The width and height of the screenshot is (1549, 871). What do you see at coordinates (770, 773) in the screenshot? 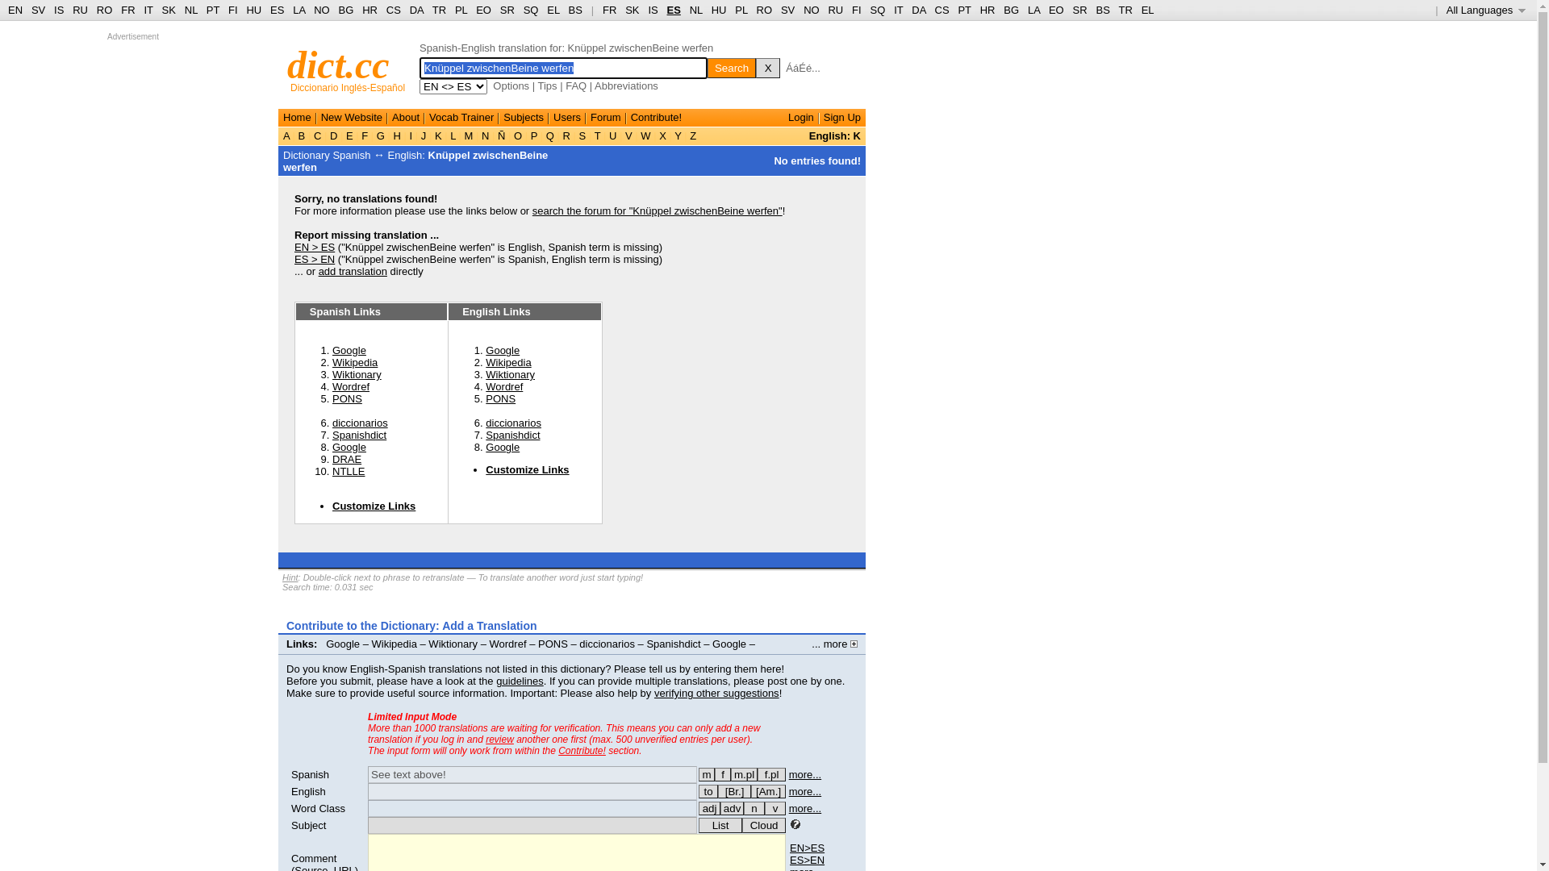
I see `'f.pl'` at bounding box center [770, 773].